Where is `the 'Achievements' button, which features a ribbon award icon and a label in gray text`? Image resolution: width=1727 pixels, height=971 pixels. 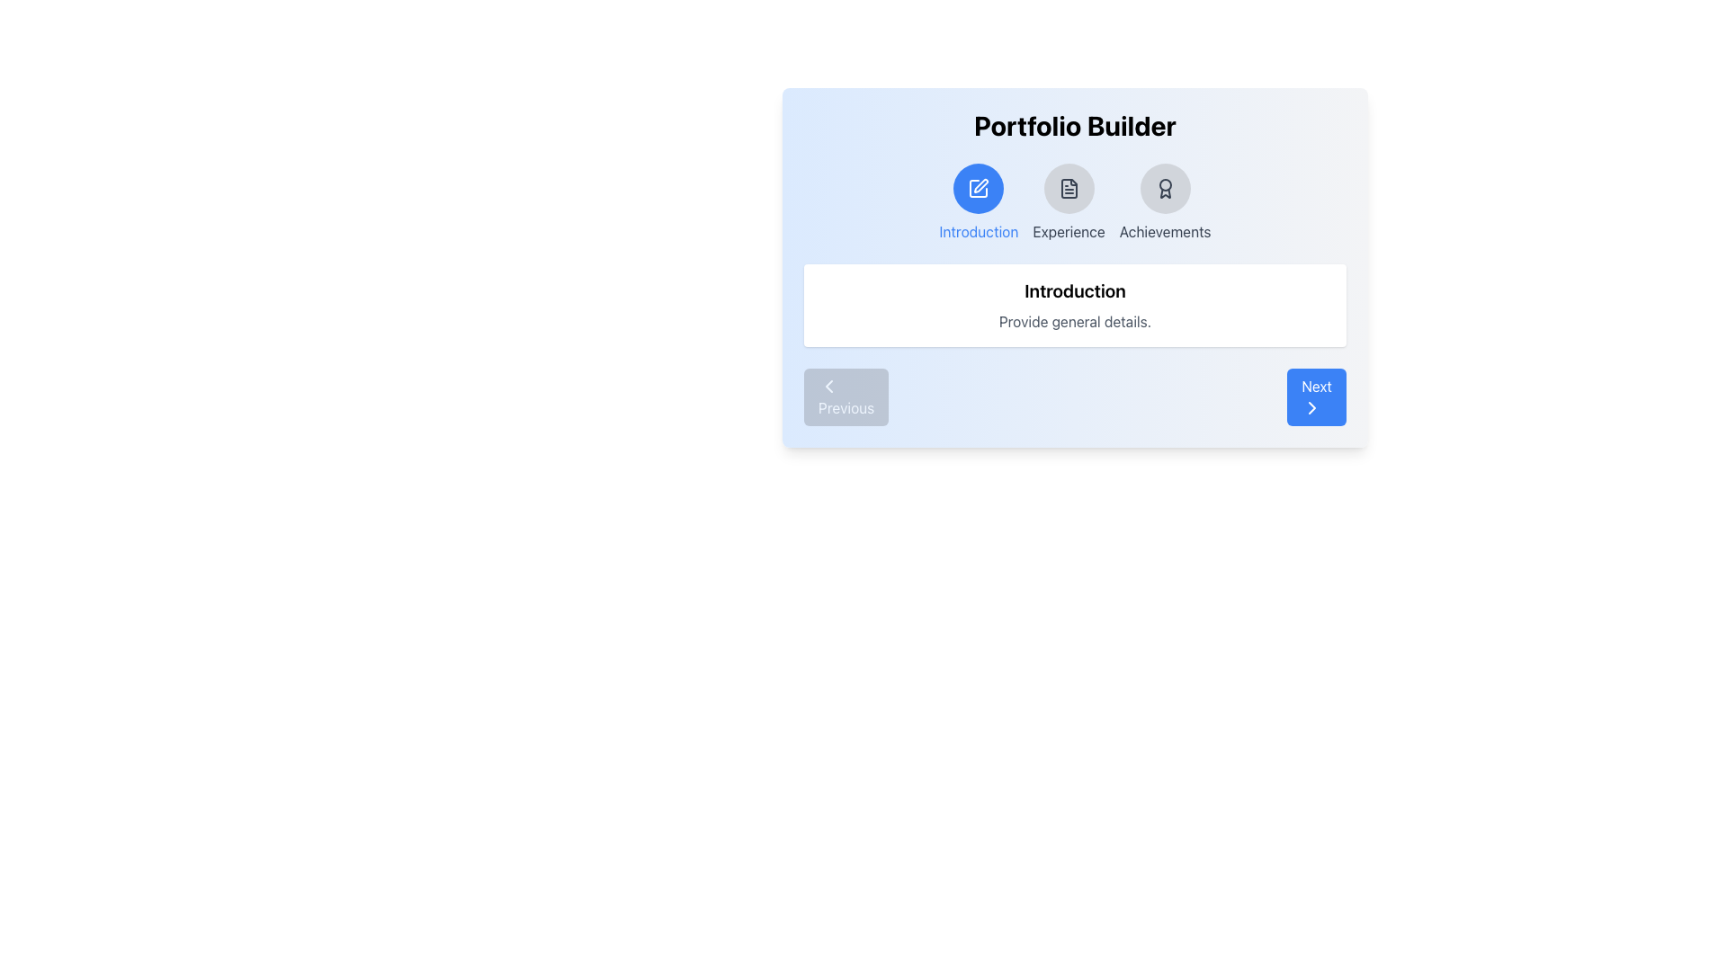
the 'Achievements' button, which features a ribbon award icon and a label in gray text is located at coordinates (1165, 202).